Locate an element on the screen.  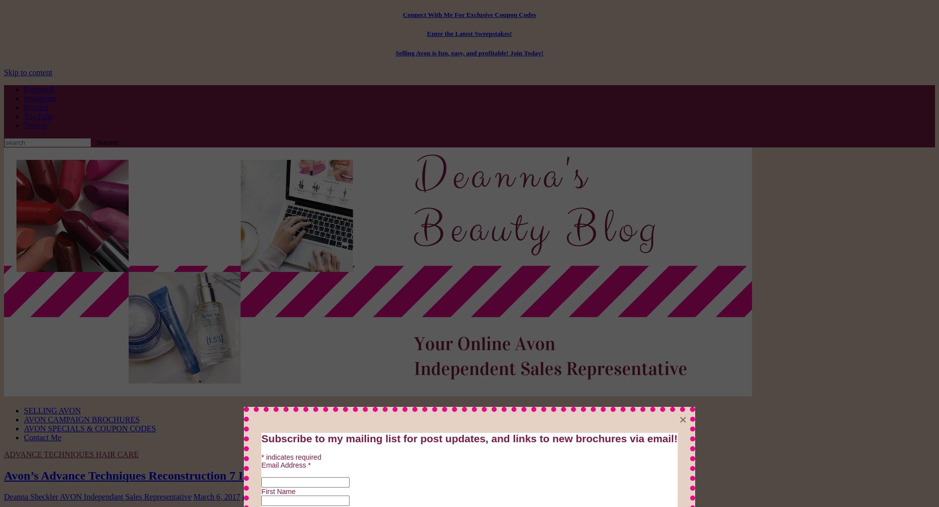
'Deanna Sheckler AVON Independant Sales Representative' is located at coordinates (98, 496).